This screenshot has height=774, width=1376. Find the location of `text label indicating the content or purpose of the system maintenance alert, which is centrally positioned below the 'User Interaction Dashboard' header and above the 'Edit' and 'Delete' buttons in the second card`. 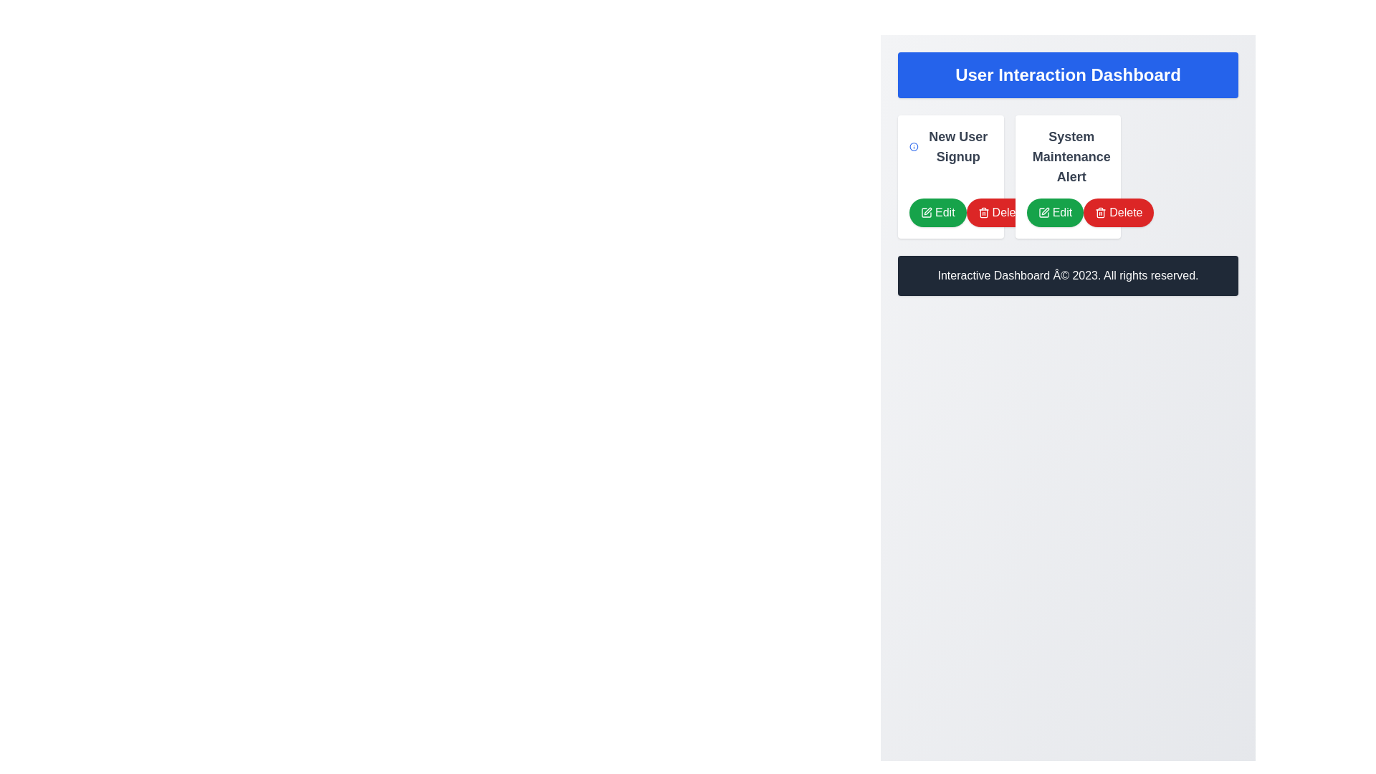

text label indicating the content or purpose of the system maintenance alert, which is centrally positioned below the 'User Interaction Dashboard' header and above the 'Edit' and 'Delete' buttons in the second card is located at coordinates (1068, 157).